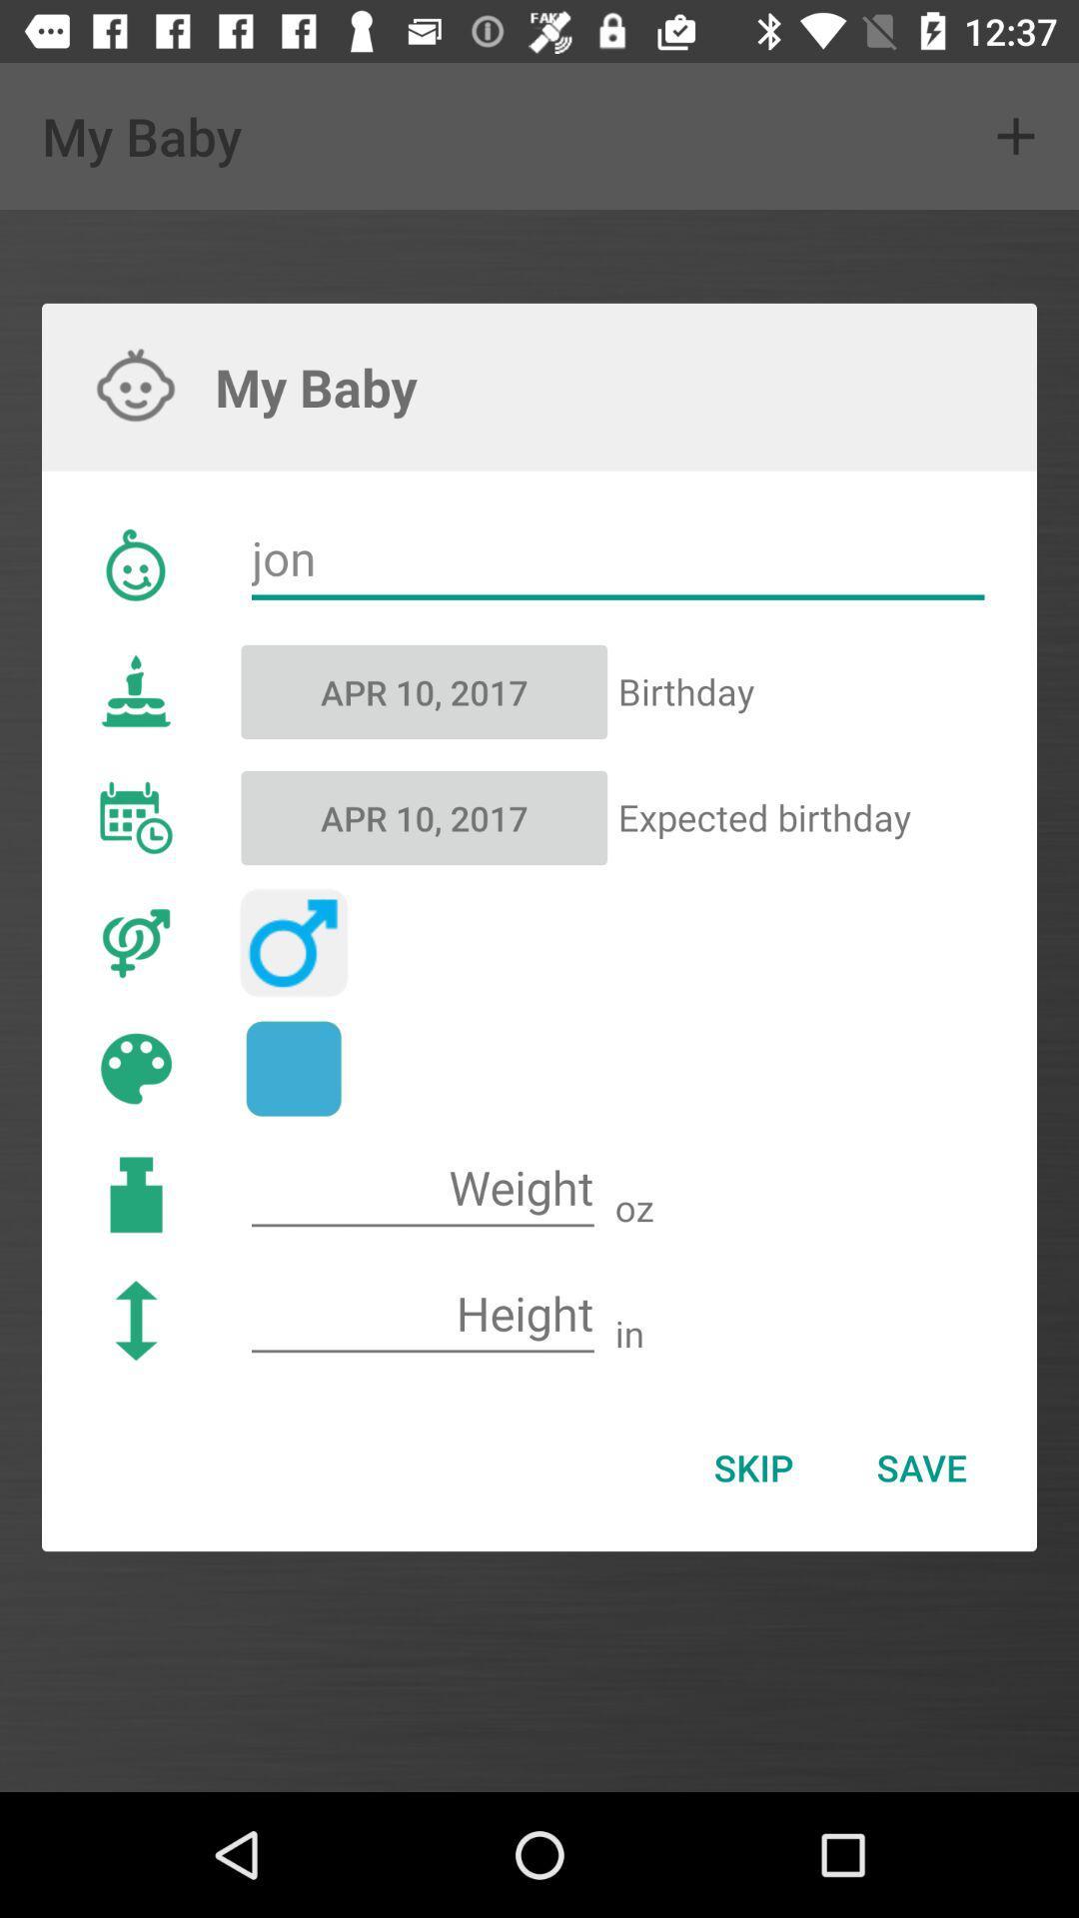 The image size is (1079, 1918). What do you see at coordinates (422, 1189) in the screenshot?
I see `weight` at bounding box center [422, 1189].